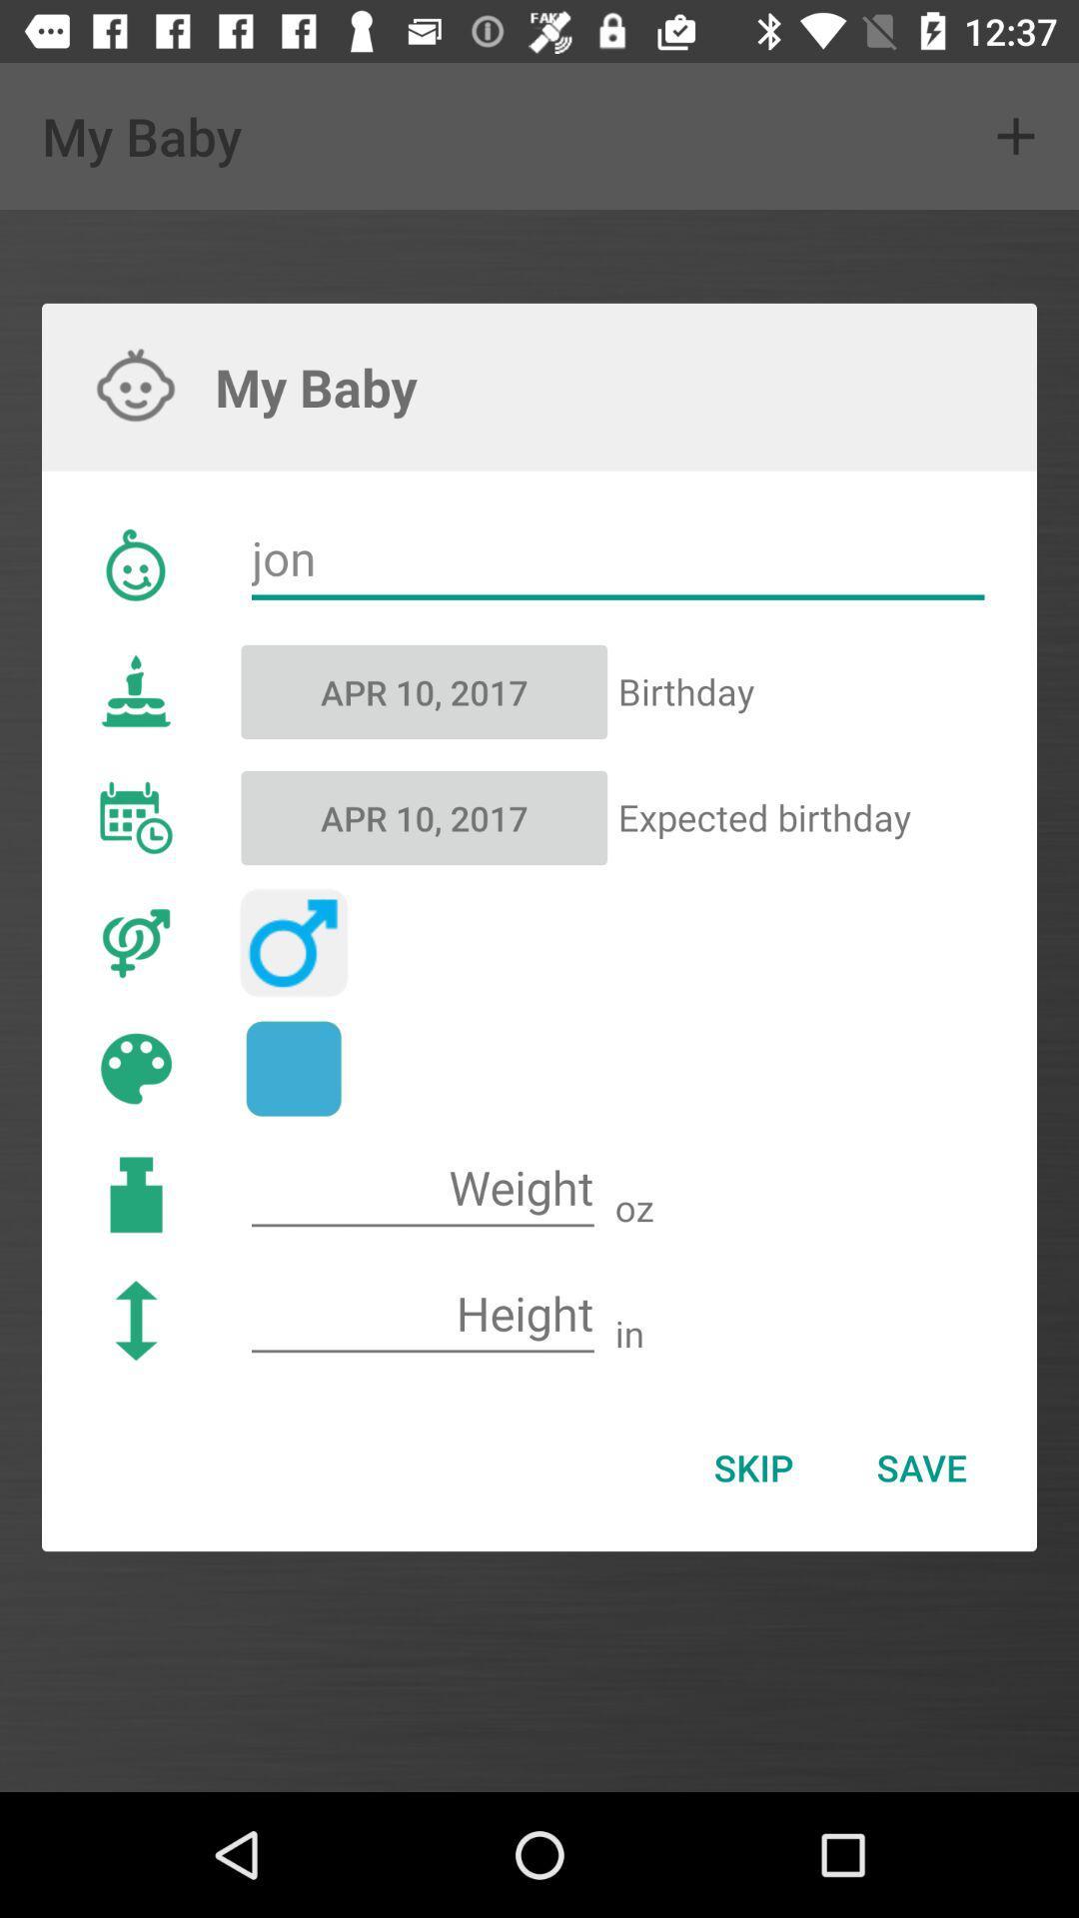 The image size is (1079, 1918). What do you see at coordinates (422, 1189) in the screenshot?
I see `weight` at bounding box center [422, 1189].